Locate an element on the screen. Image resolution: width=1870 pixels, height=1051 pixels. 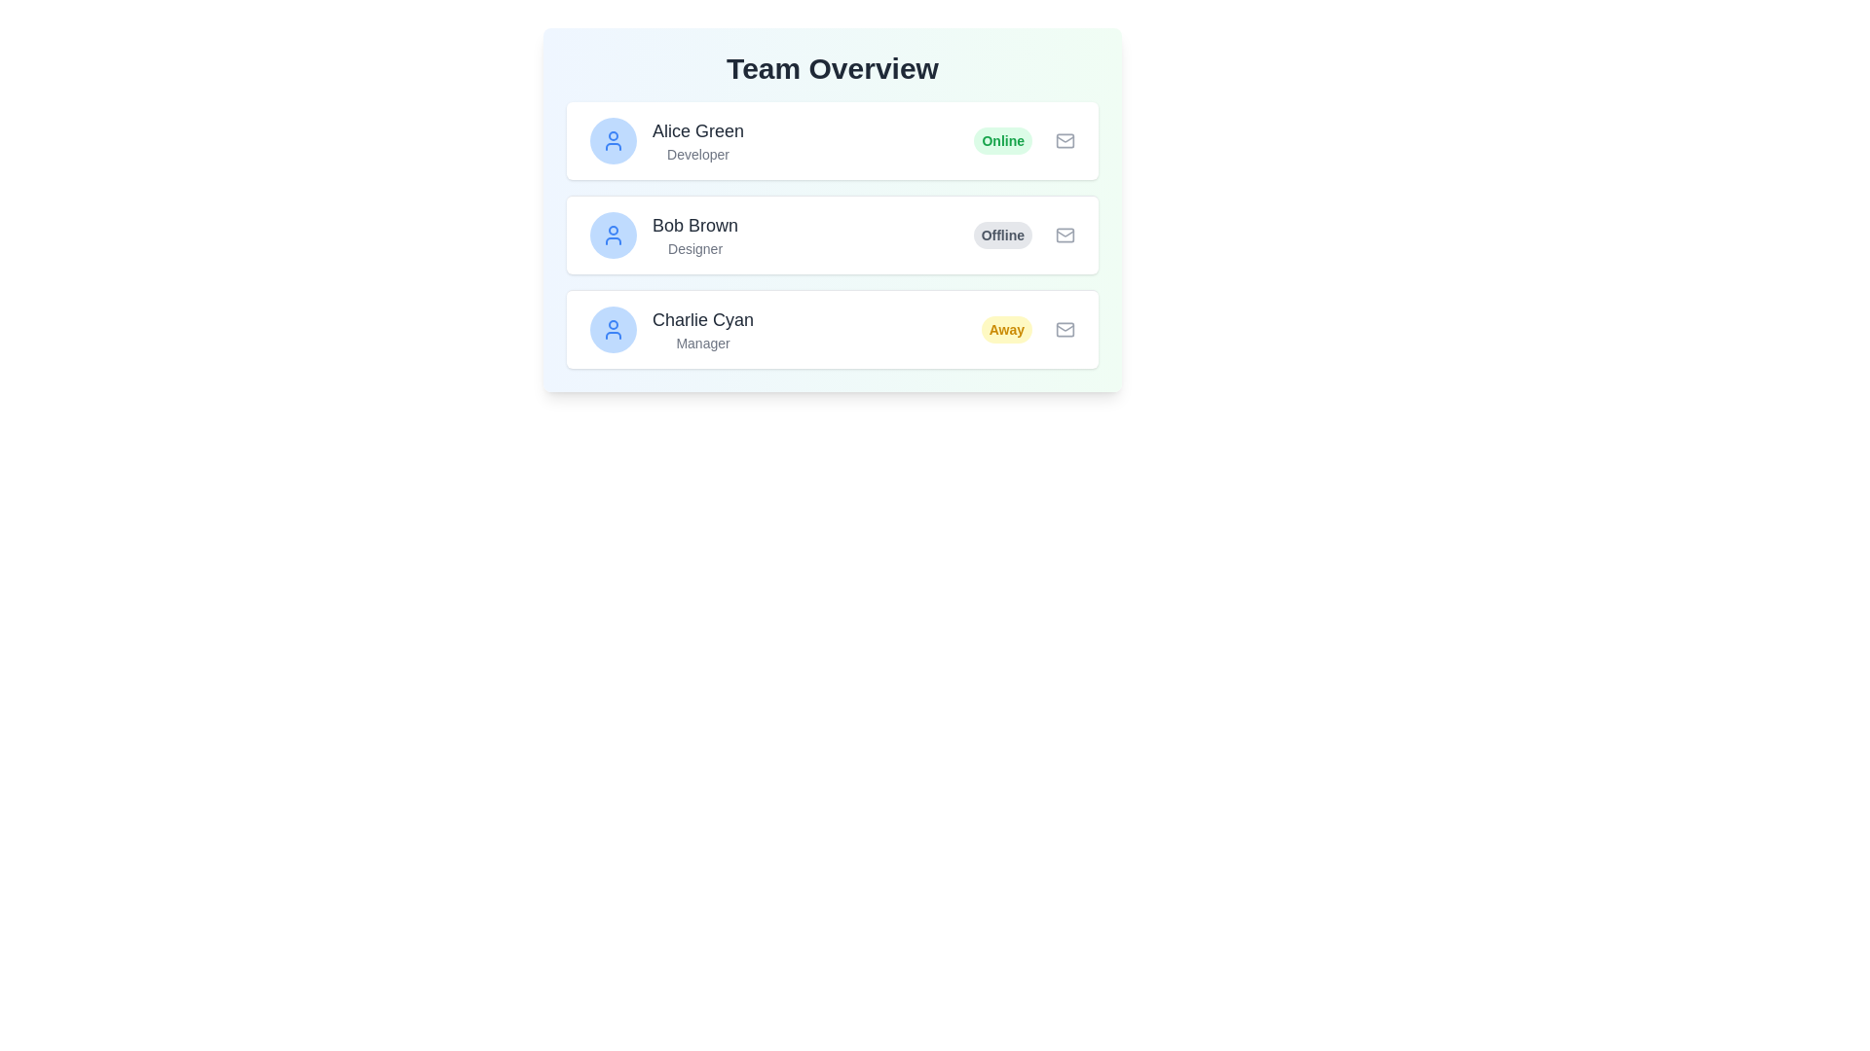
the envelope icon located at the top-right corner of Charlie Cyan's member card in the 'Team Overview' section to interact with email-related functionality is located at coordinates (1065, 329).